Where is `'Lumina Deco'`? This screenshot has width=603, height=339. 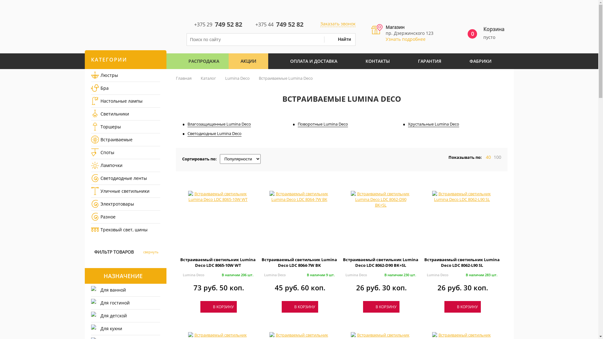 'Lumina Deco' is located at coordinates (225, 78).